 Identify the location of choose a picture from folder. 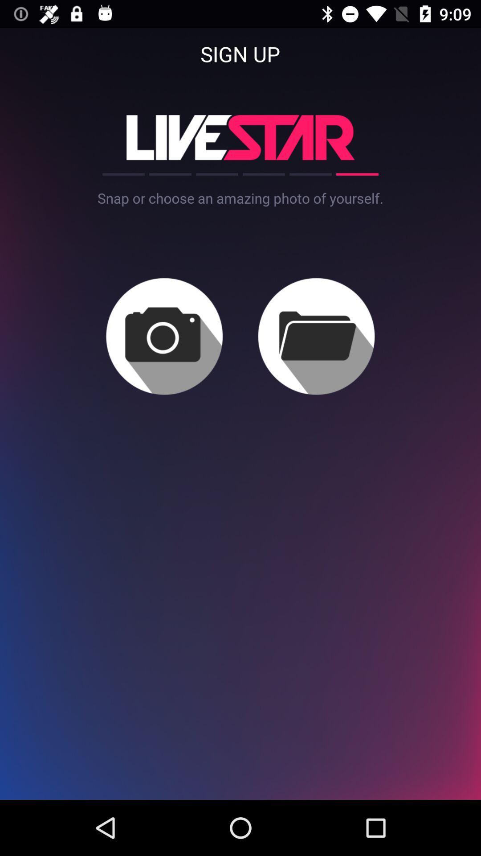
(316, 336).